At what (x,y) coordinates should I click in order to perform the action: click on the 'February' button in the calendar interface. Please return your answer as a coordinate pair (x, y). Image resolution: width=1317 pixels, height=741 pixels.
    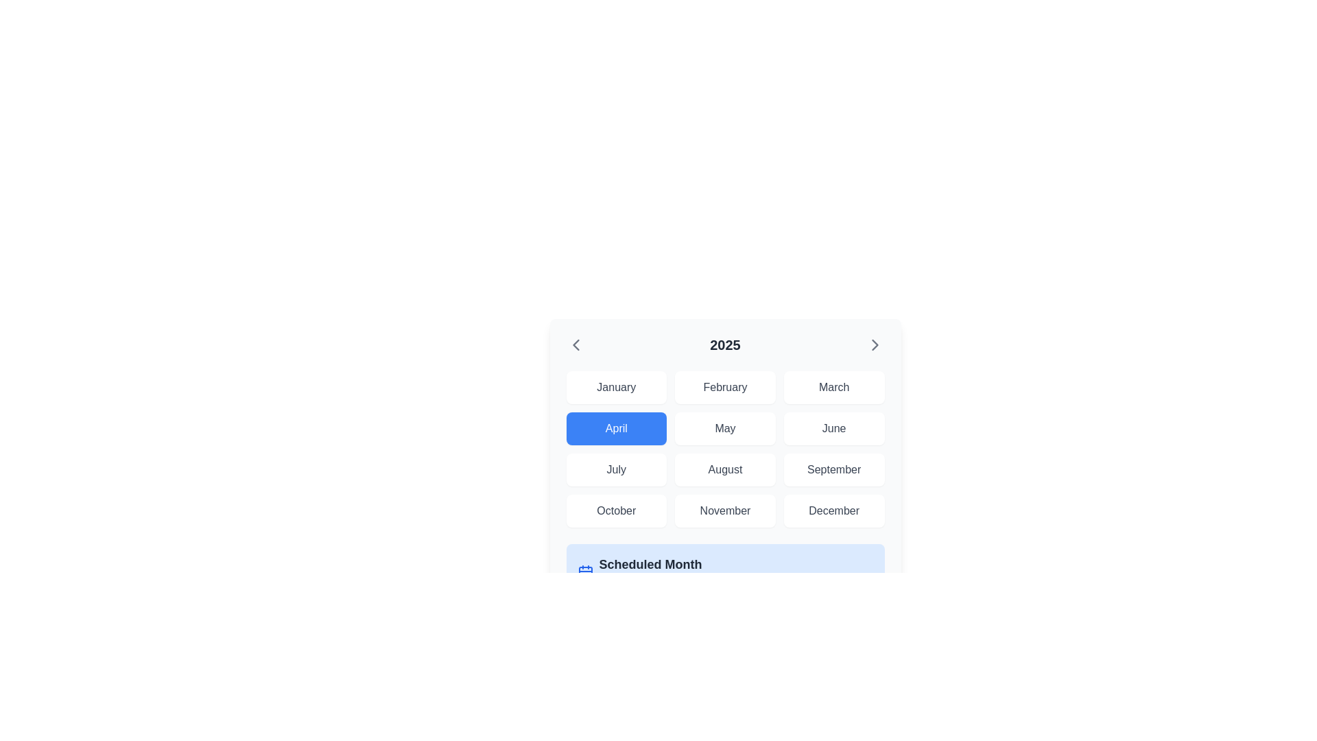
    Looking at the image, I should click on (724, 387).